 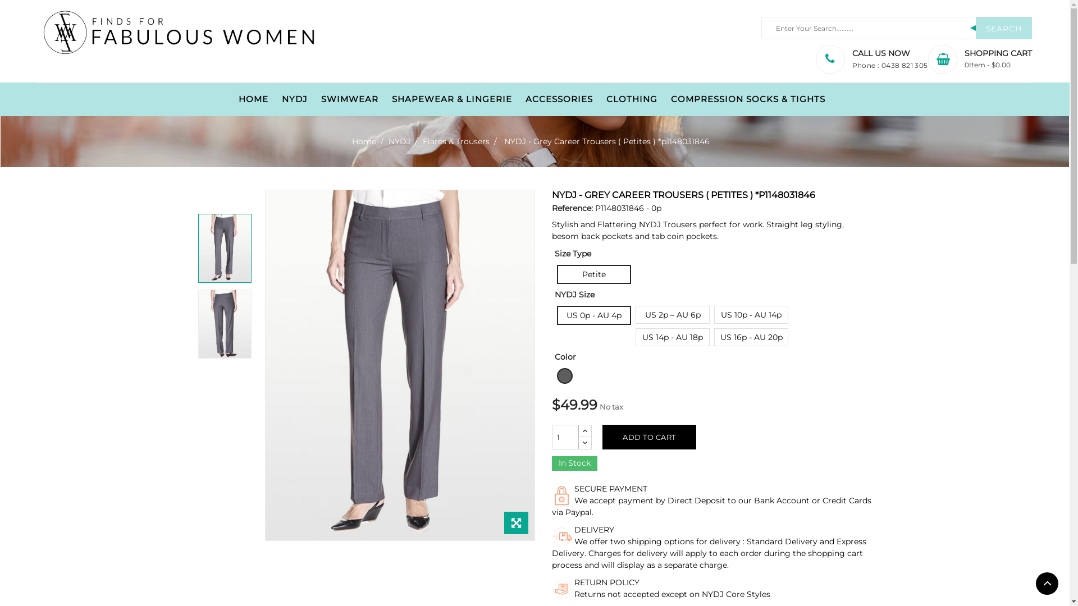 I want to click on 'Home', so click(x=351, y=140).